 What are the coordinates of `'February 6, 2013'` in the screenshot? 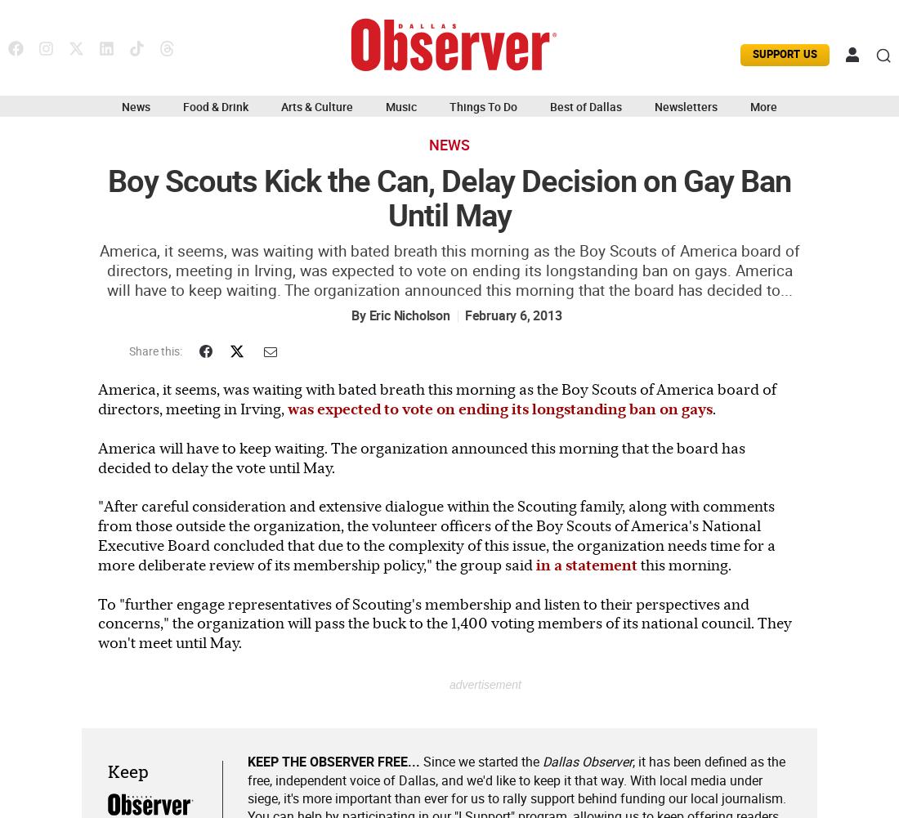 It's located at (512, 315).